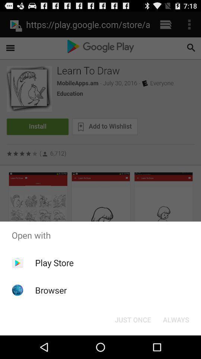 The image size is (201, 359). What do you see at coordinates (51, 290) in the screenshot?
I see `browser` at bounding box center [51, 290].